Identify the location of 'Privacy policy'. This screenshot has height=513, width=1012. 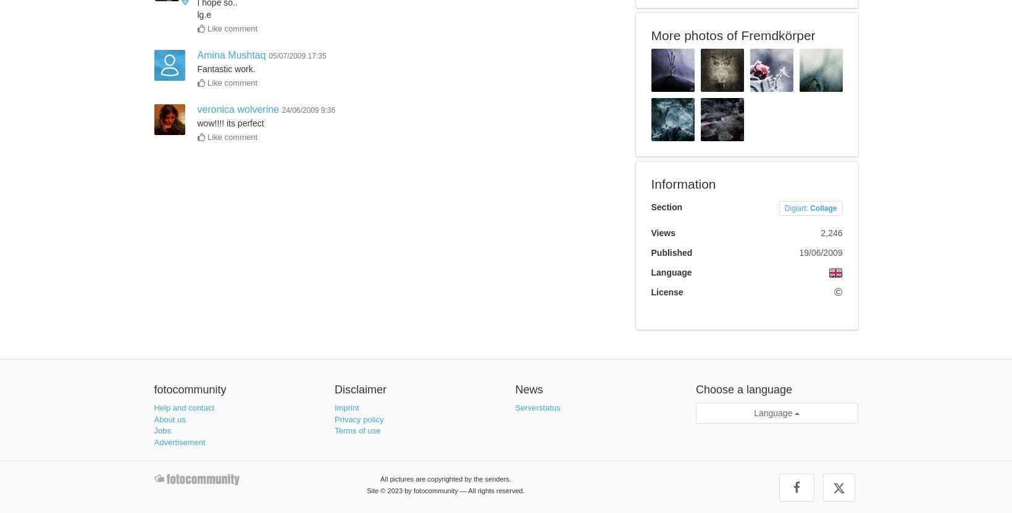
(358, 418).